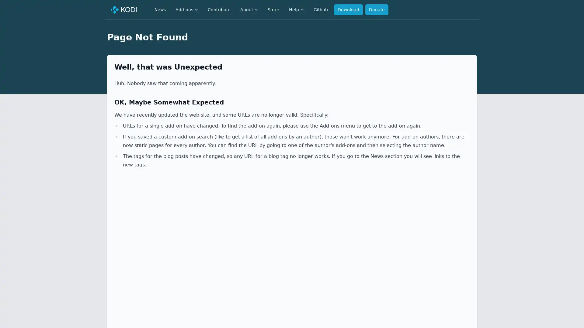 This screenshot has width=584, height=328. What do you see at coordinates (186, 9) in the screenshot?
I see `Add-ons` at bounding box center [186, 9].